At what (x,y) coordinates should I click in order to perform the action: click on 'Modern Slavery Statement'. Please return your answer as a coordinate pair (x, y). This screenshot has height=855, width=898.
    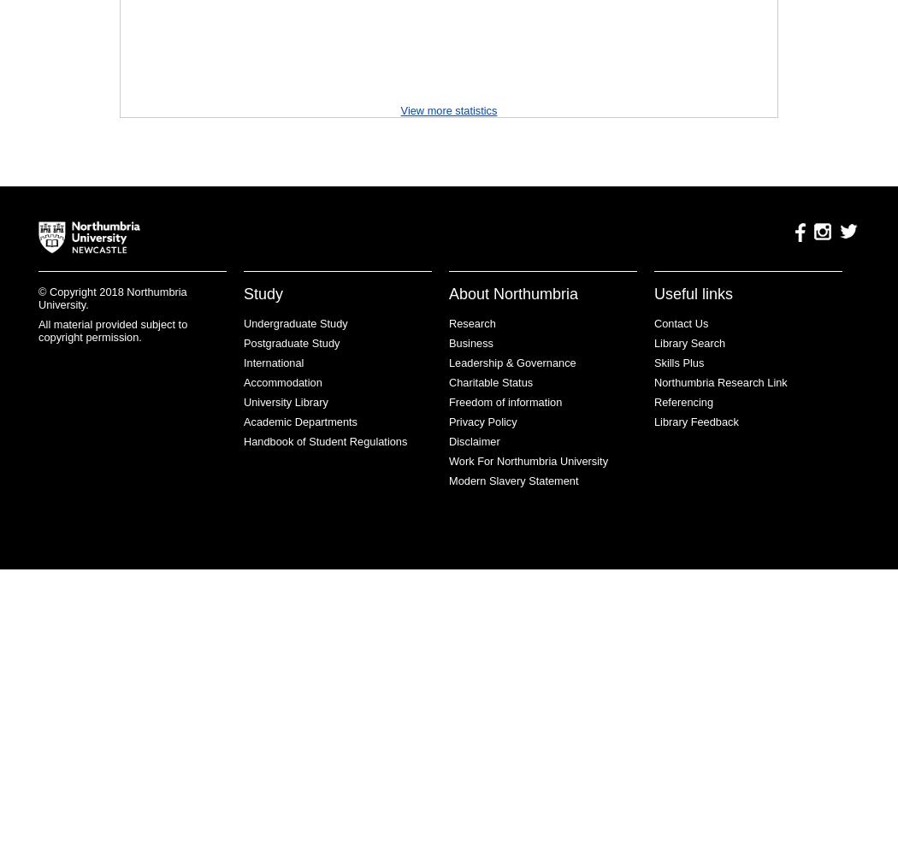
    Looking at the image, I should click on (513, 481).